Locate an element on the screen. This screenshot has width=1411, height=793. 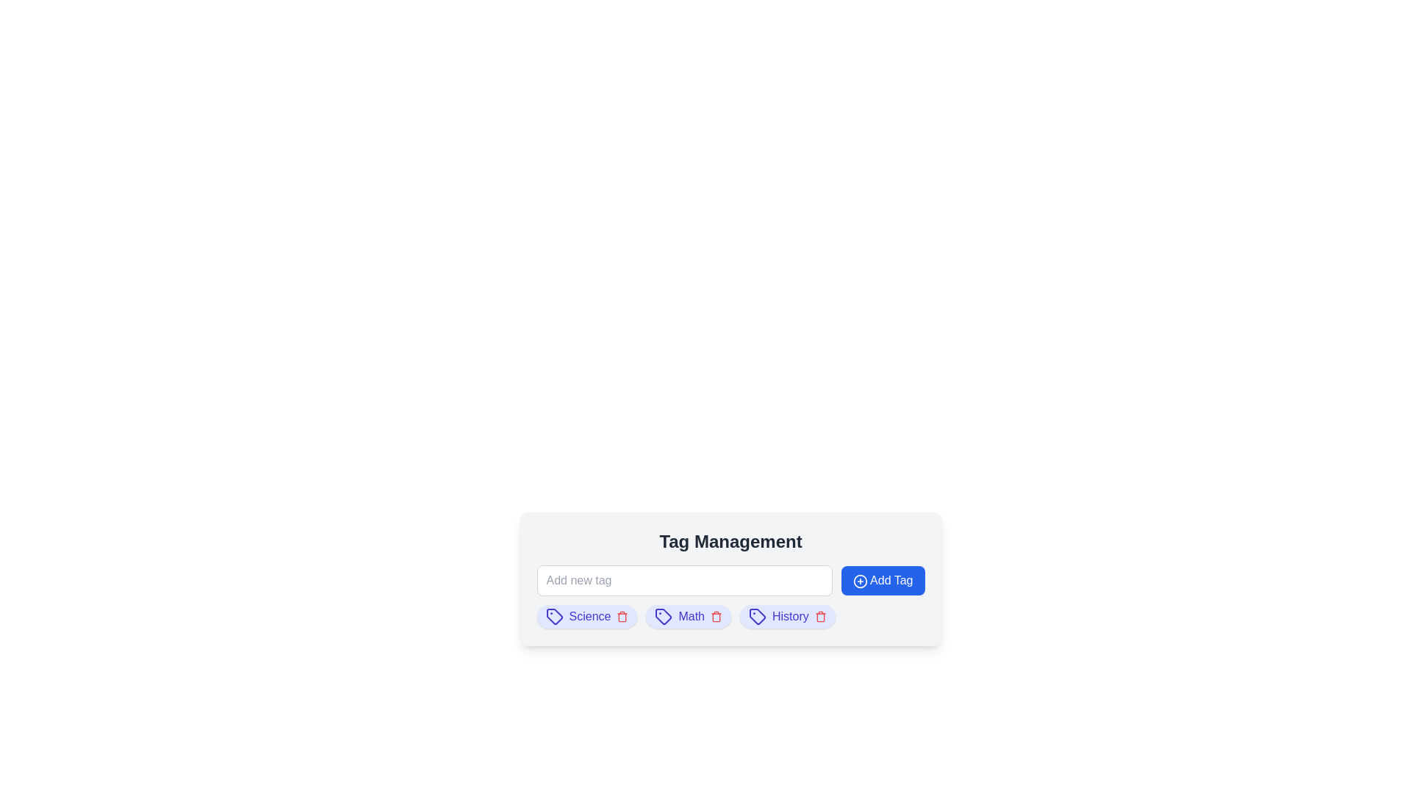
the 'Math' tag button, which is a rounded rectangle button with indigo text and a light indigo background, located in the bottom center of the interface between 'Science' and 'History' is located at coordinates (688, 617).